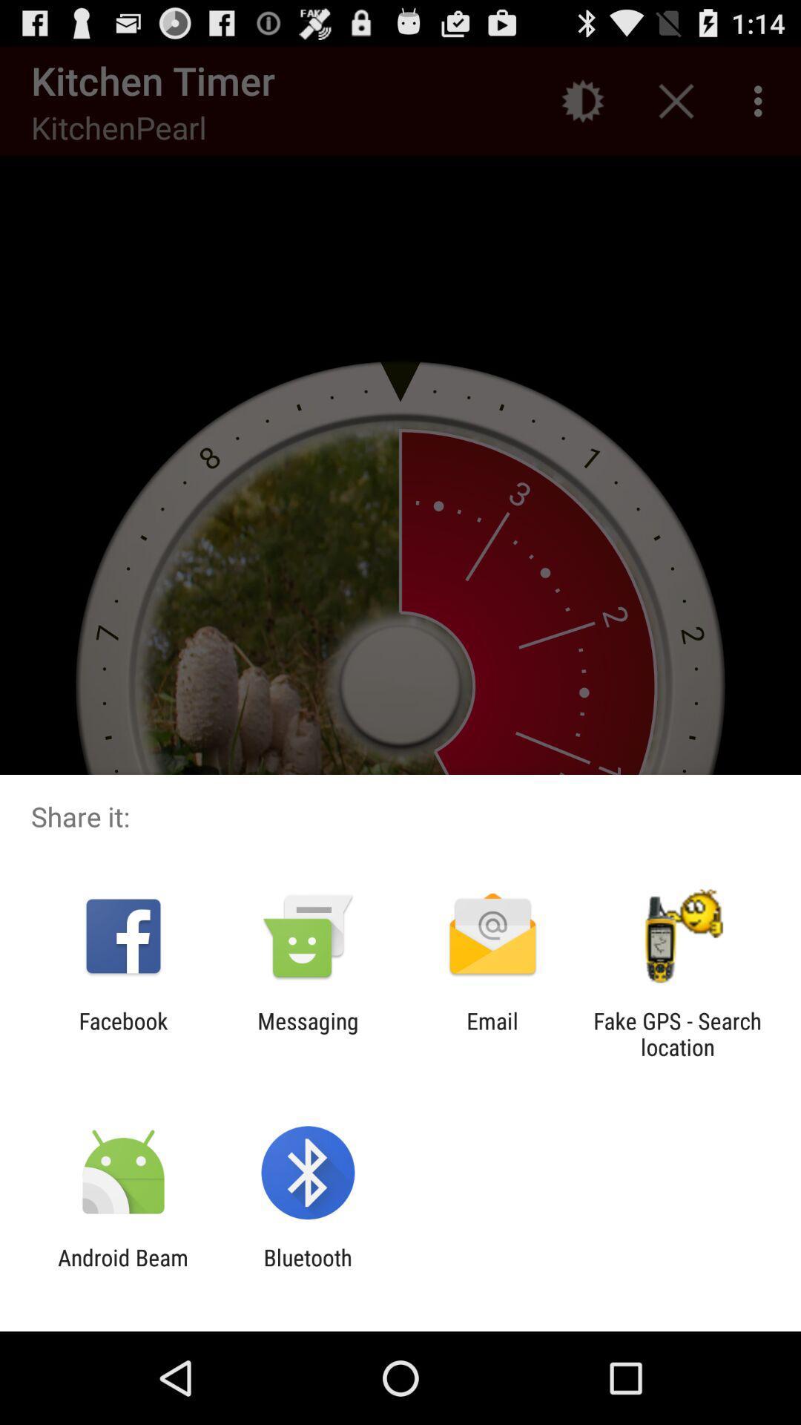  What do you see at coordinates (307, 1270) in the screenshot?
I see `the bluetooth item` at bounding box center [307, 1270].